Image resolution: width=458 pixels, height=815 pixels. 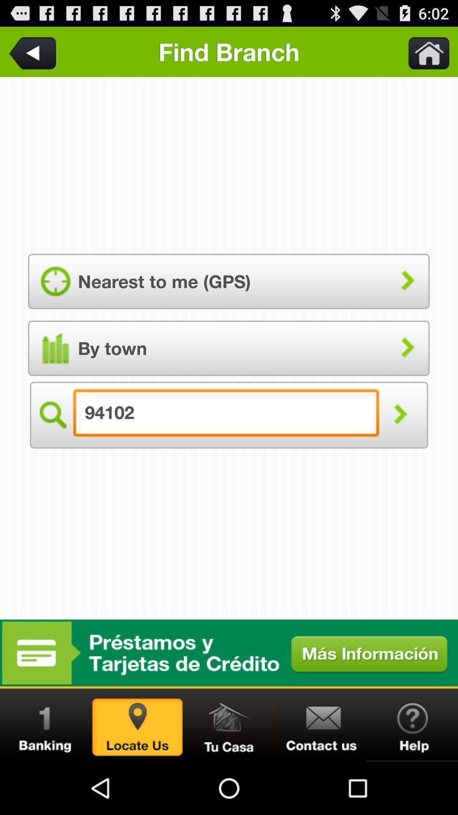 What do you see at coordinates (412, 725) in the screenshot?
I see `switch to help menu` at bounding box center [412, 725].